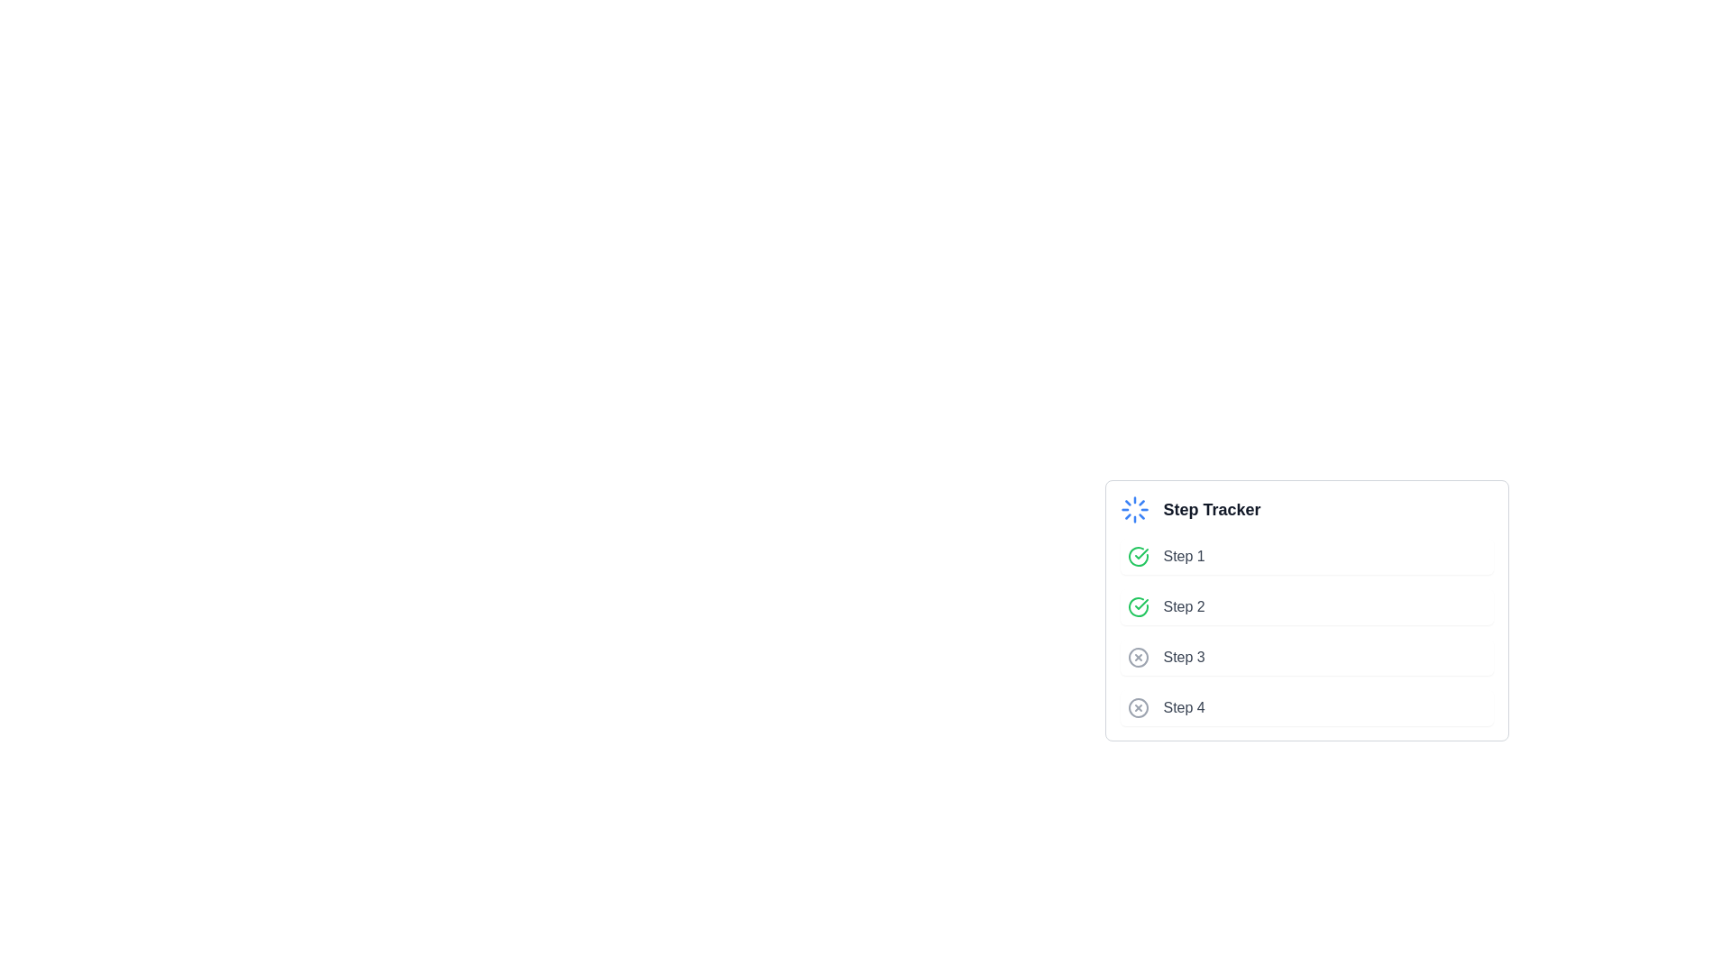  What do you see at coordinates (1137, 657) in the screenshot?
I see `the circular icon indicating the pending status of 'Step 3', which is positioned to the left of the text 'Step 3' in the step tracker` at bounding box center [1137, 657].